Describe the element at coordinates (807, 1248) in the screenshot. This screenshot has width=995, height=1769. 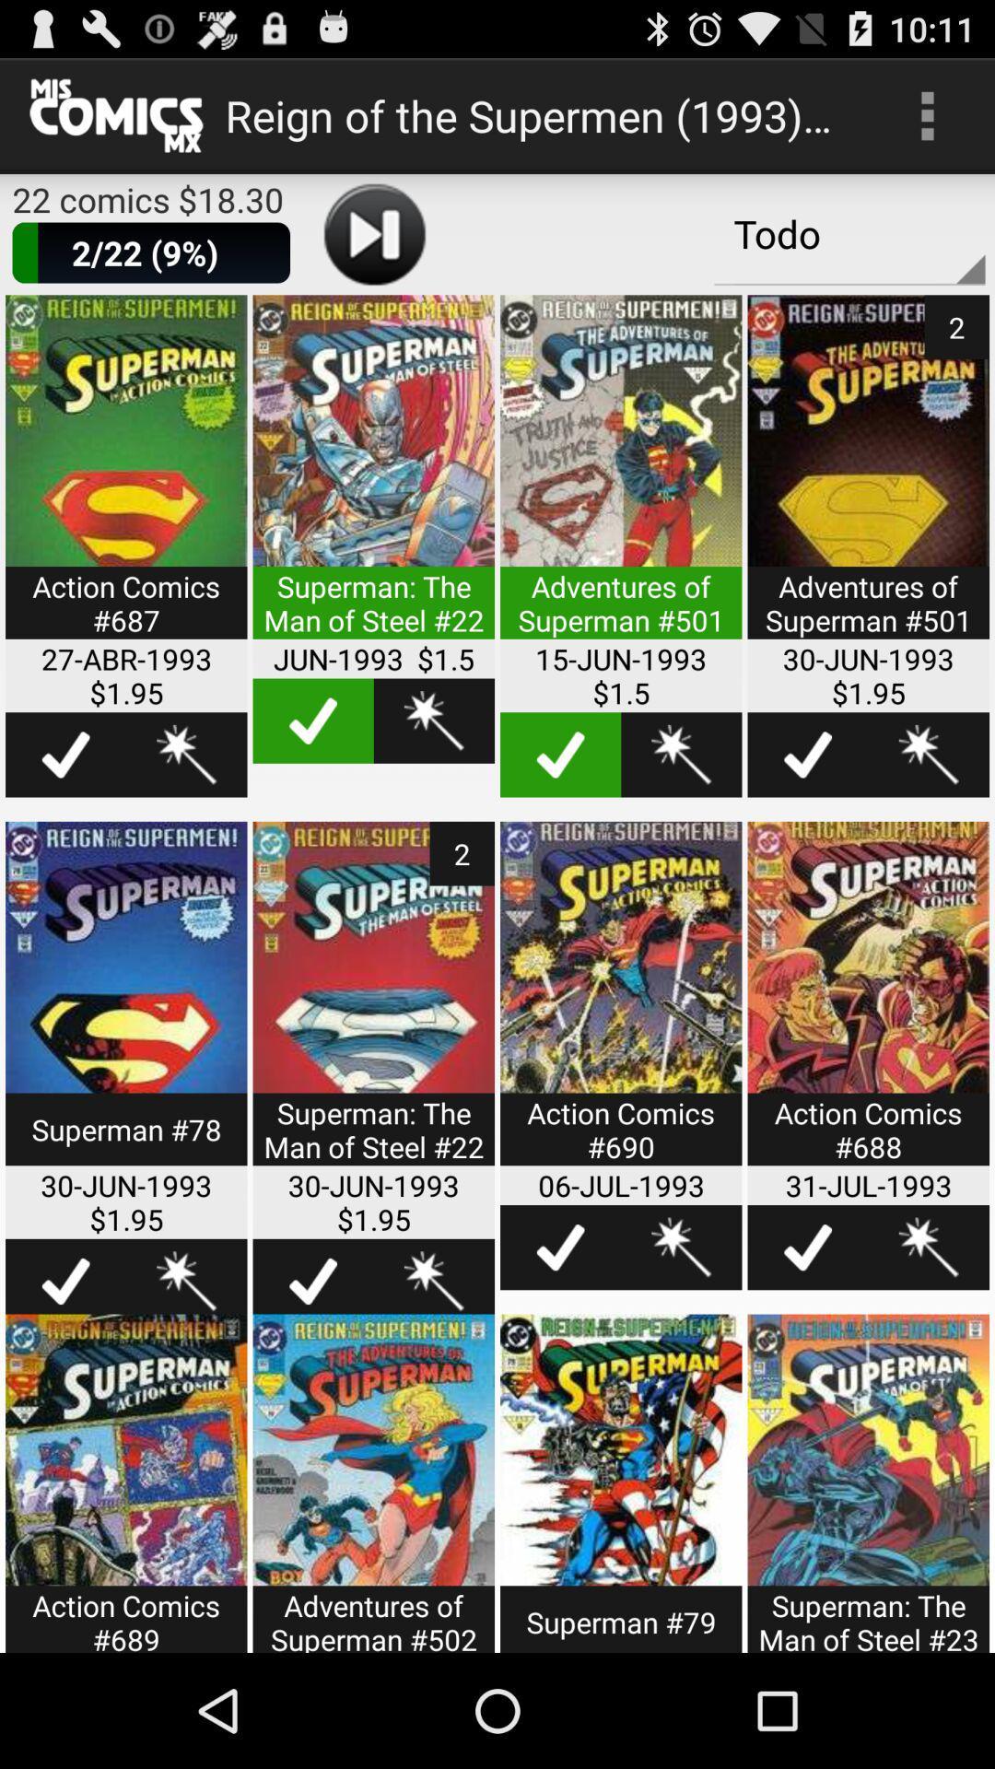
I see `check the option` at that location.